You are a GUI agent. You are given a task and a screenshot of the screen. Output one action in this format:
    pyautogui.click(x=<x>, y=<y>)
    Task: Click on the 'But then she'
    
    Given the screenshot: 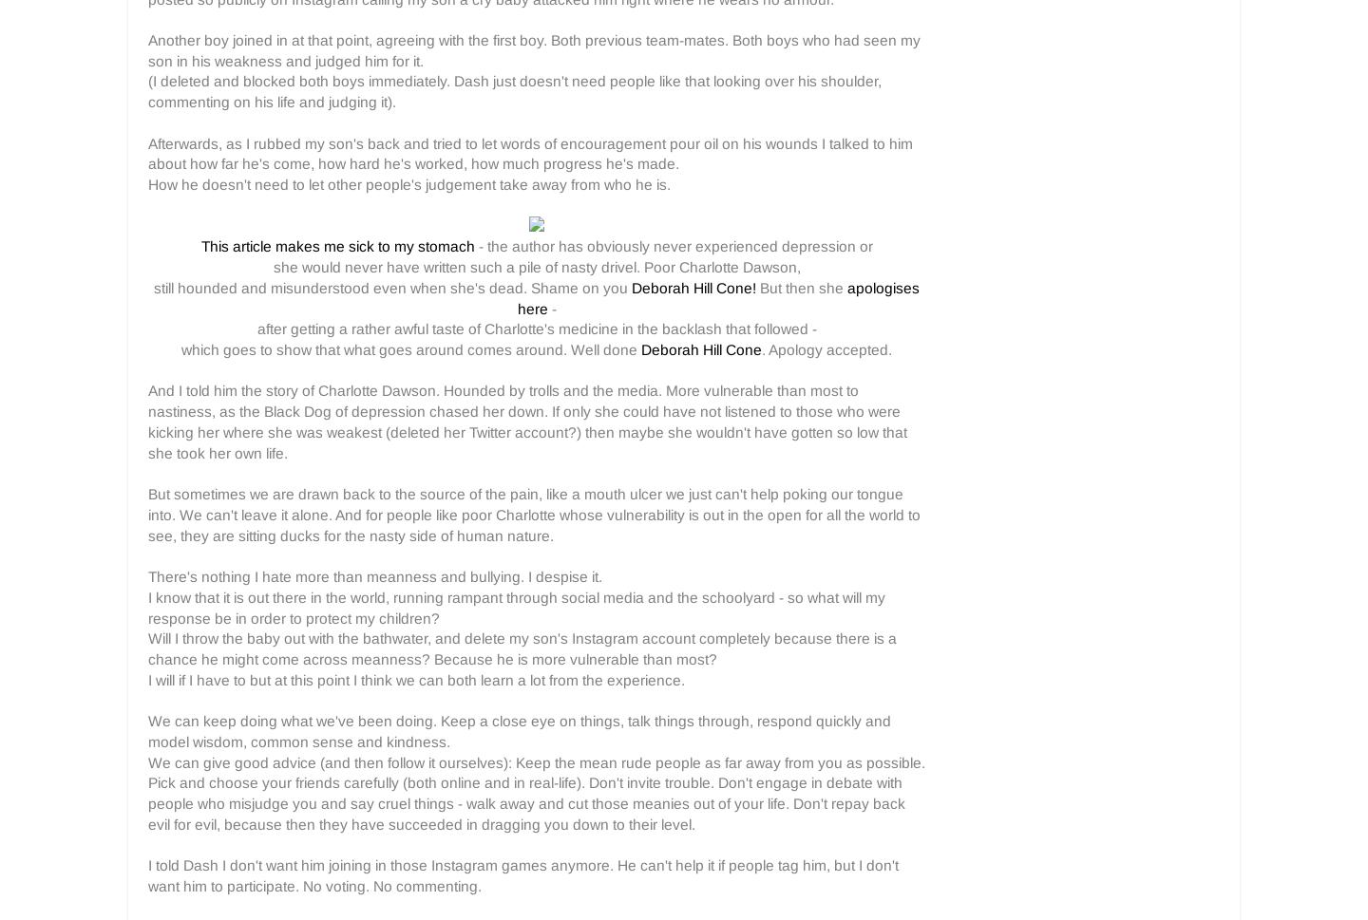 What is the action you would take?
    pyautogui.click(x=756, y=287)
    